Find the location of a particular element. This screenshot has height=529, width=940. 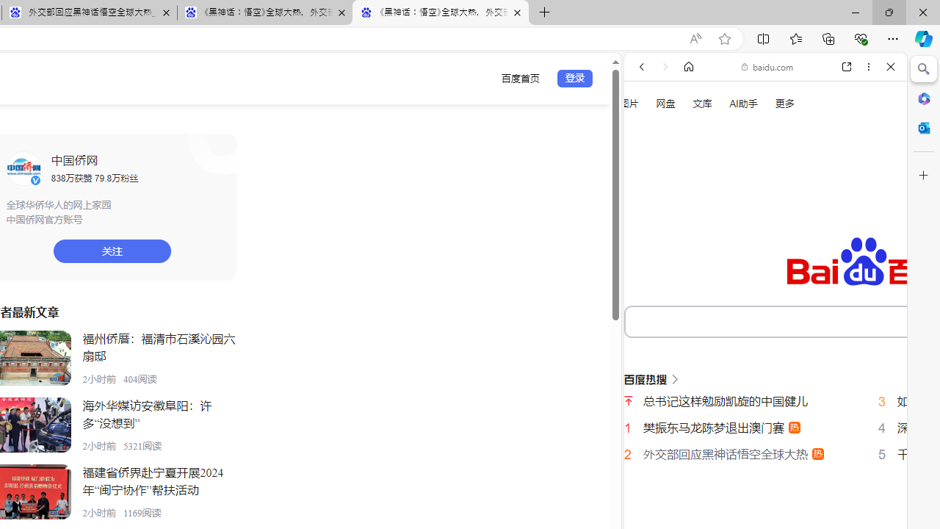

'Search the web' is located at coordinates (772, 101).